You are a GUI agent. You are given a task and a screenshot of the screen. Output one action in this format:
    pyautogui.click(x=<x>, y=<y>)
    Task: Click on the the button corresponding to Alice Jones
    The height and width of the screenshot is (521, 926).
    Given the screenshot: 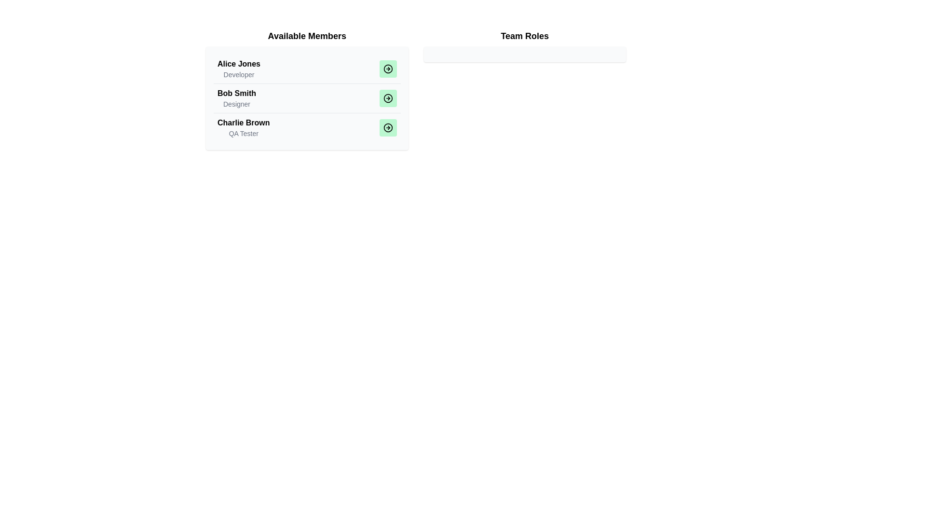 What is the action you would take?
    pyautogui.click(x=388, y=68)
    